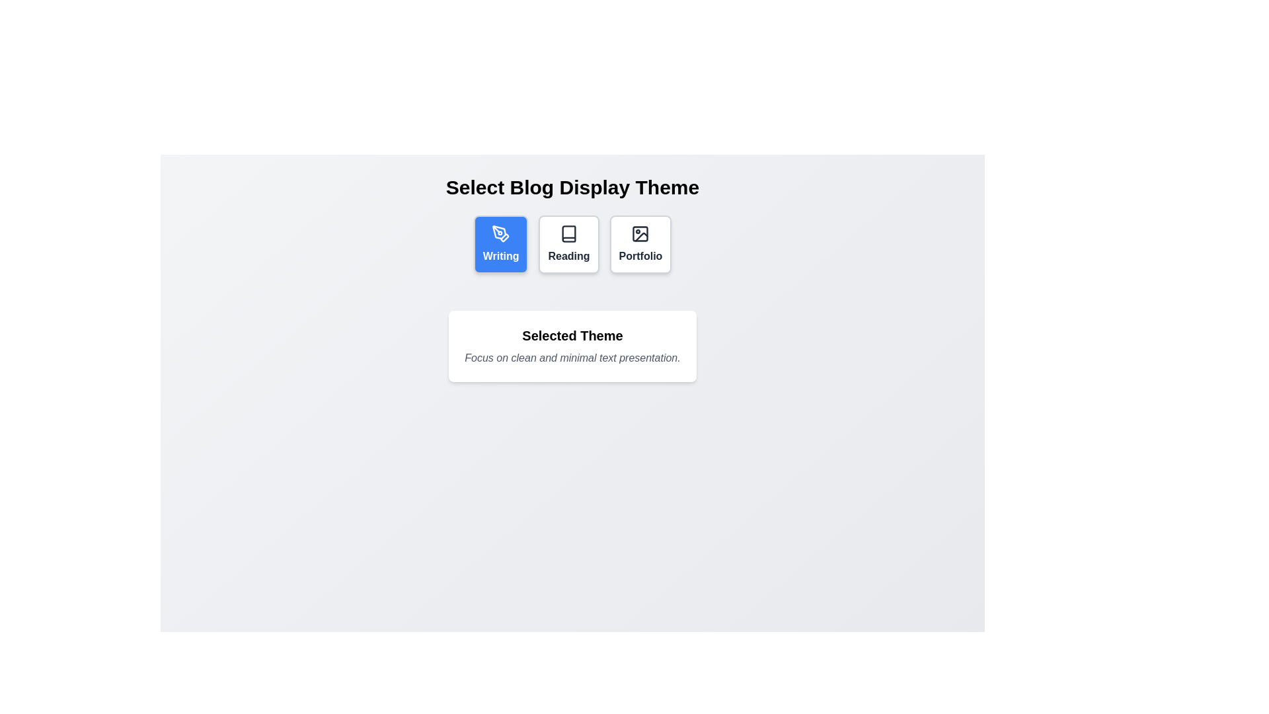  Describe the element at coordinates (500, 245) in the screenshot. I see `the button to select the theme Writing` at that location.